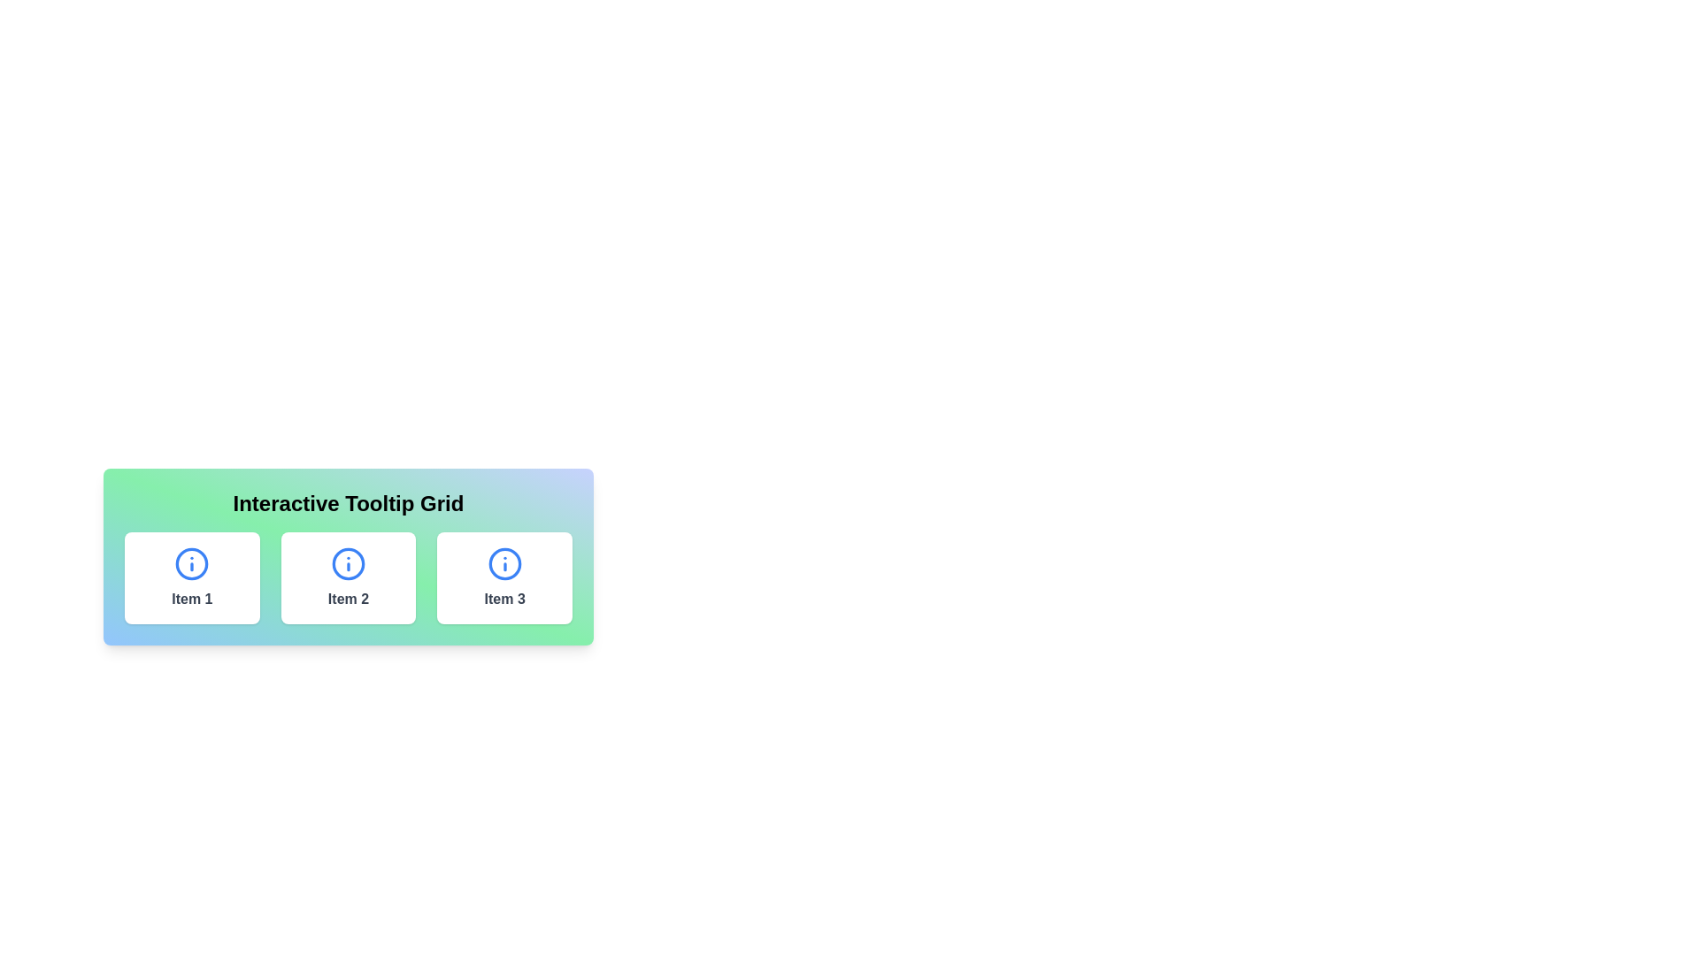 The height and width of the screenshot is (955, 1699). Describe the element at coordinates (192, 599) in the screenshot. I see `the small gray bold text label that reads 'Item 1', located below the blue circular information icon in the first item of the horizontally aligned cards within the 'Interactive Tooltip Grid'` at that location.